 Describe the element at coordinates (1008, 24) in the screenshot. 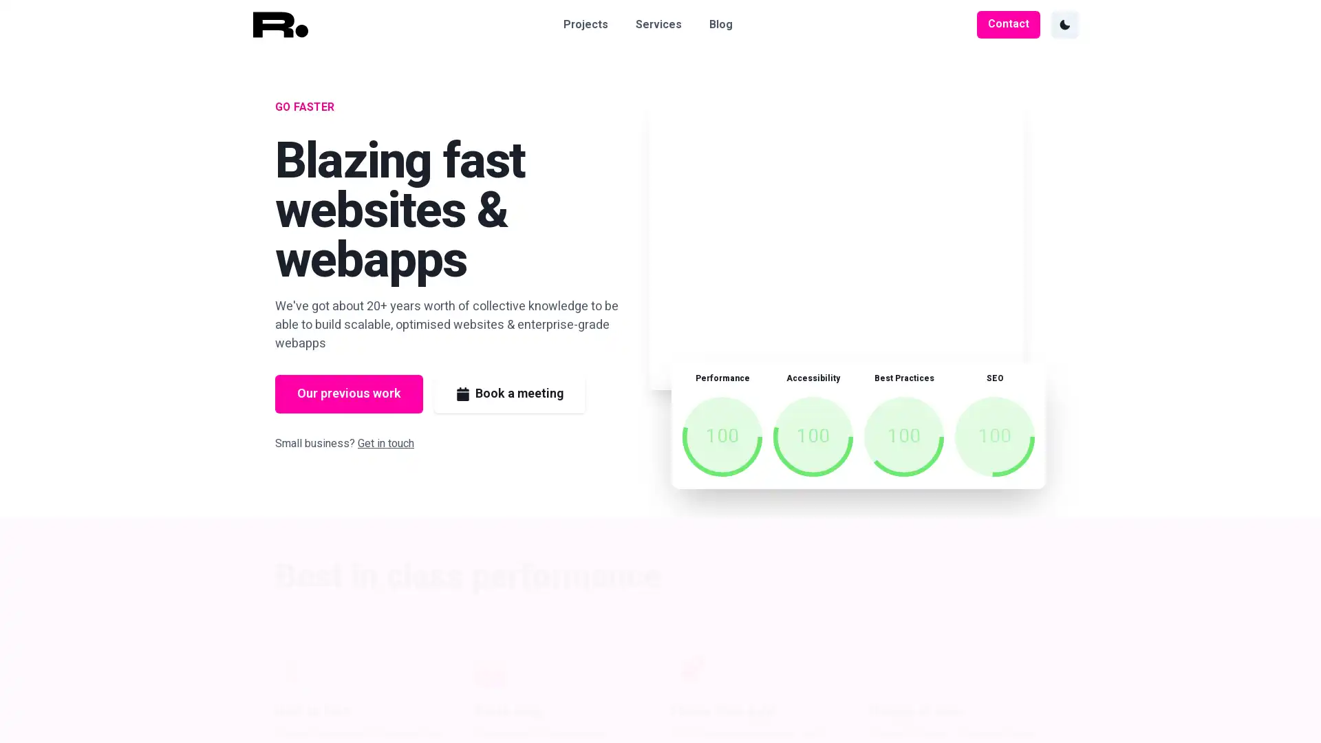

I see `Contact` at that location.